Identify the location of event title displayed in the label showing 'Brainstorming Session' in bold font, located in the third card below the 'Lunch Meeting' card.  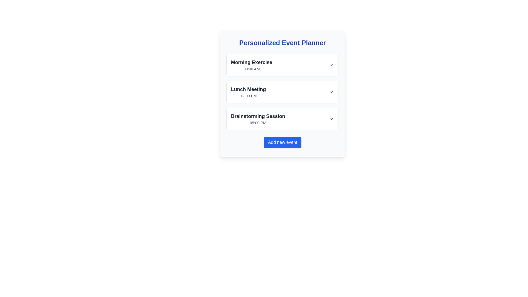
(258, 119).